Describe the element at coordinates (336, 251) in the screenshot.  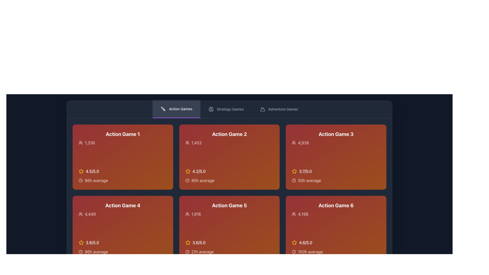
I see `displayed average time spent information located at the bottom of the 'Action Game 6' card underneath the rating information` at that location.